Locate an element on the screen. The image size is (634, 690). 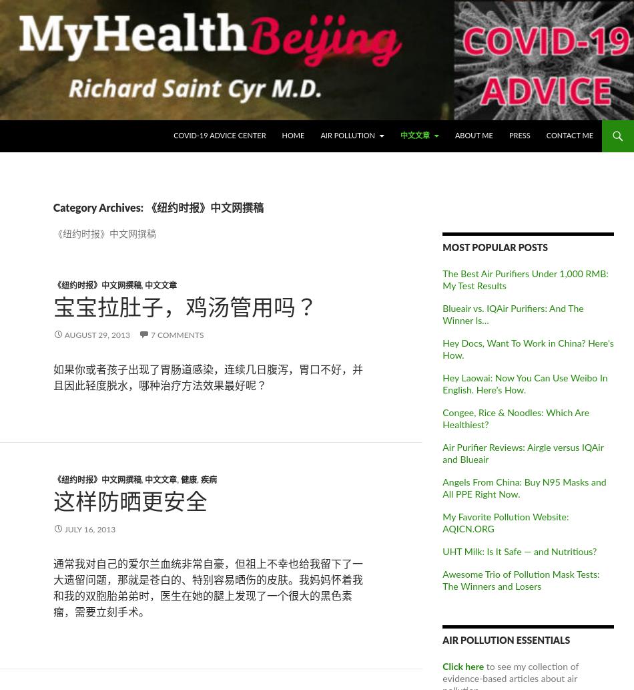
'Press' is located at coordinates (518, 134).